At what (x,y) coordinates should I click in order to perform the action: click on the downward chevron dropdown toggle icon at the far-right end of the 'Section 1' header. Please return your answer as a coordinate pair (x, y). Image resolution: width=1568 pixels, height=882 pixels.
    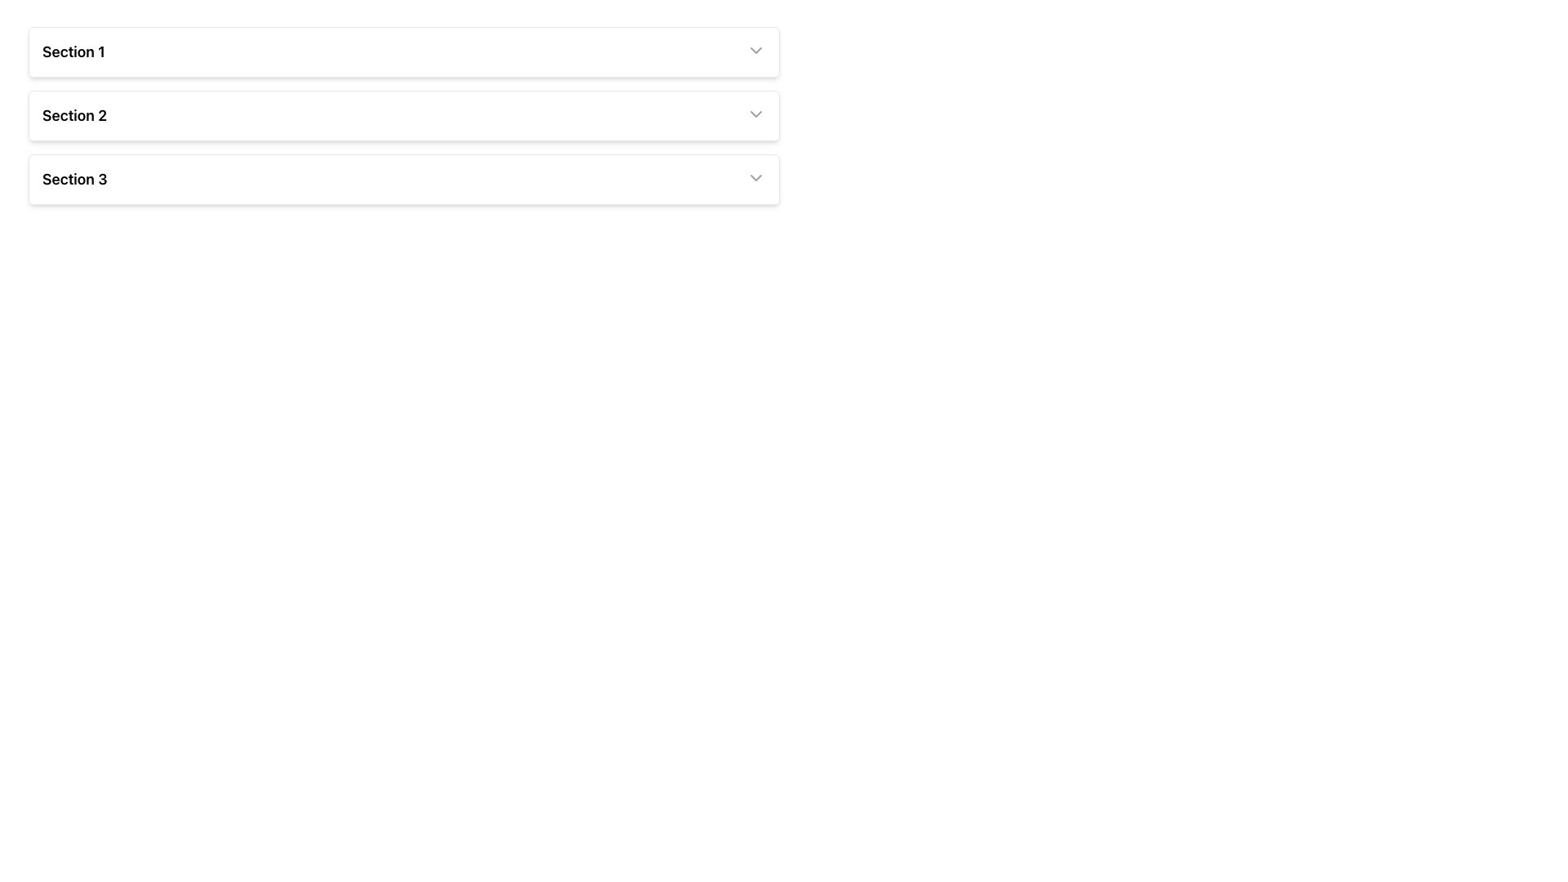
    Looking at the image, I should click on (755, 49).